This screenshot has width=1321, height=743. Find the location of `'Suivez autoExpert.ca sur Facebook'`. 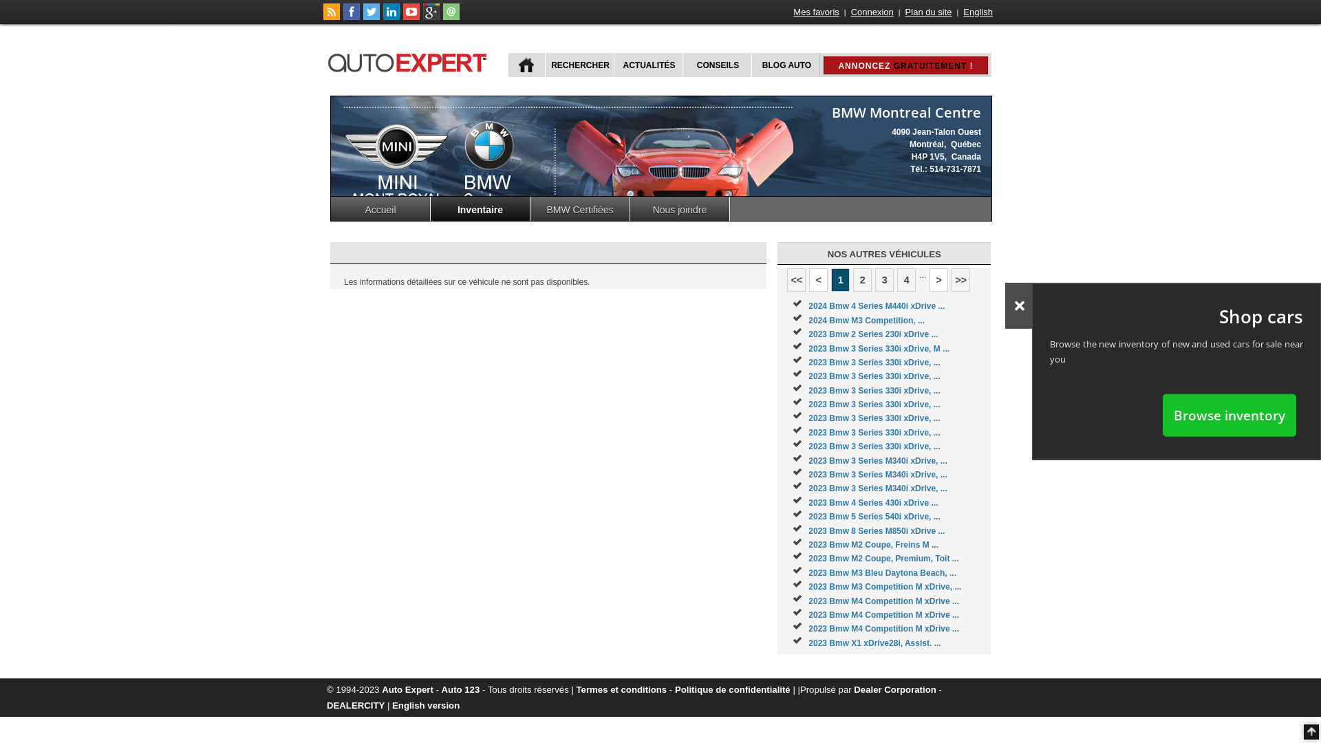

'Suivez autoExpert.ca sur Facebook' is located at coordinates (351, 17).